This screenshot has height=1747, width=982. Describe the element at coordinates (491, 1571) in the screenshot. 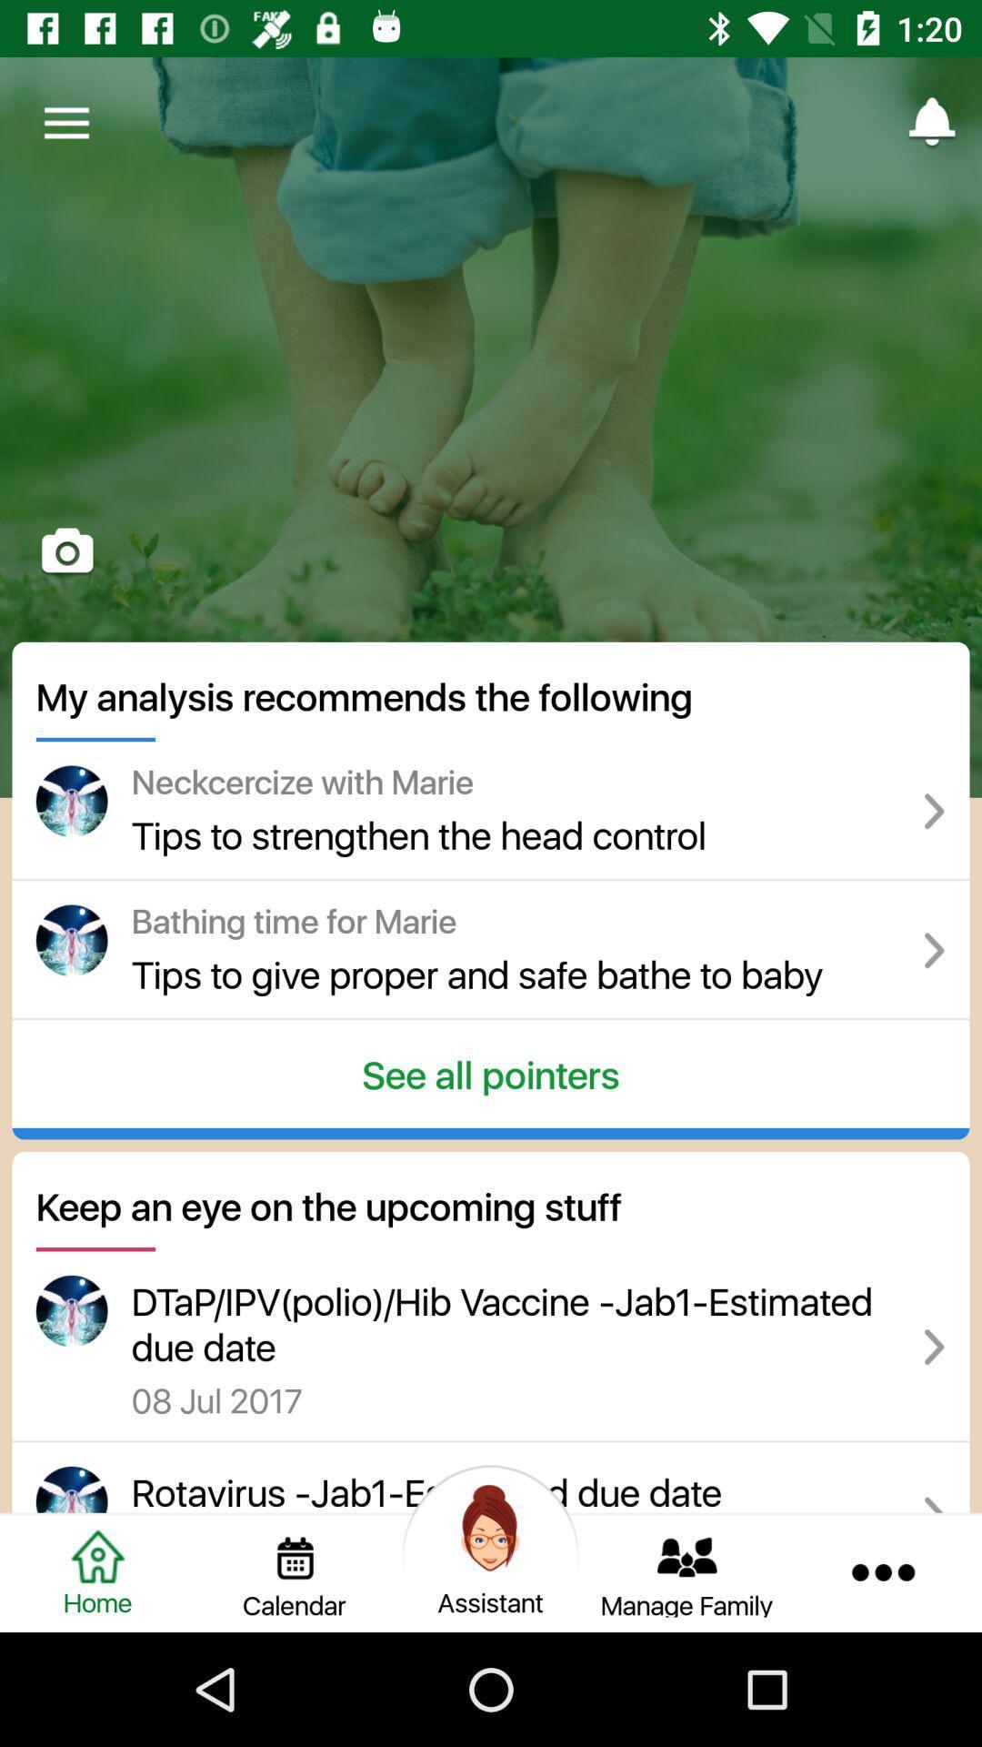

I see `open the assistant` at that location.